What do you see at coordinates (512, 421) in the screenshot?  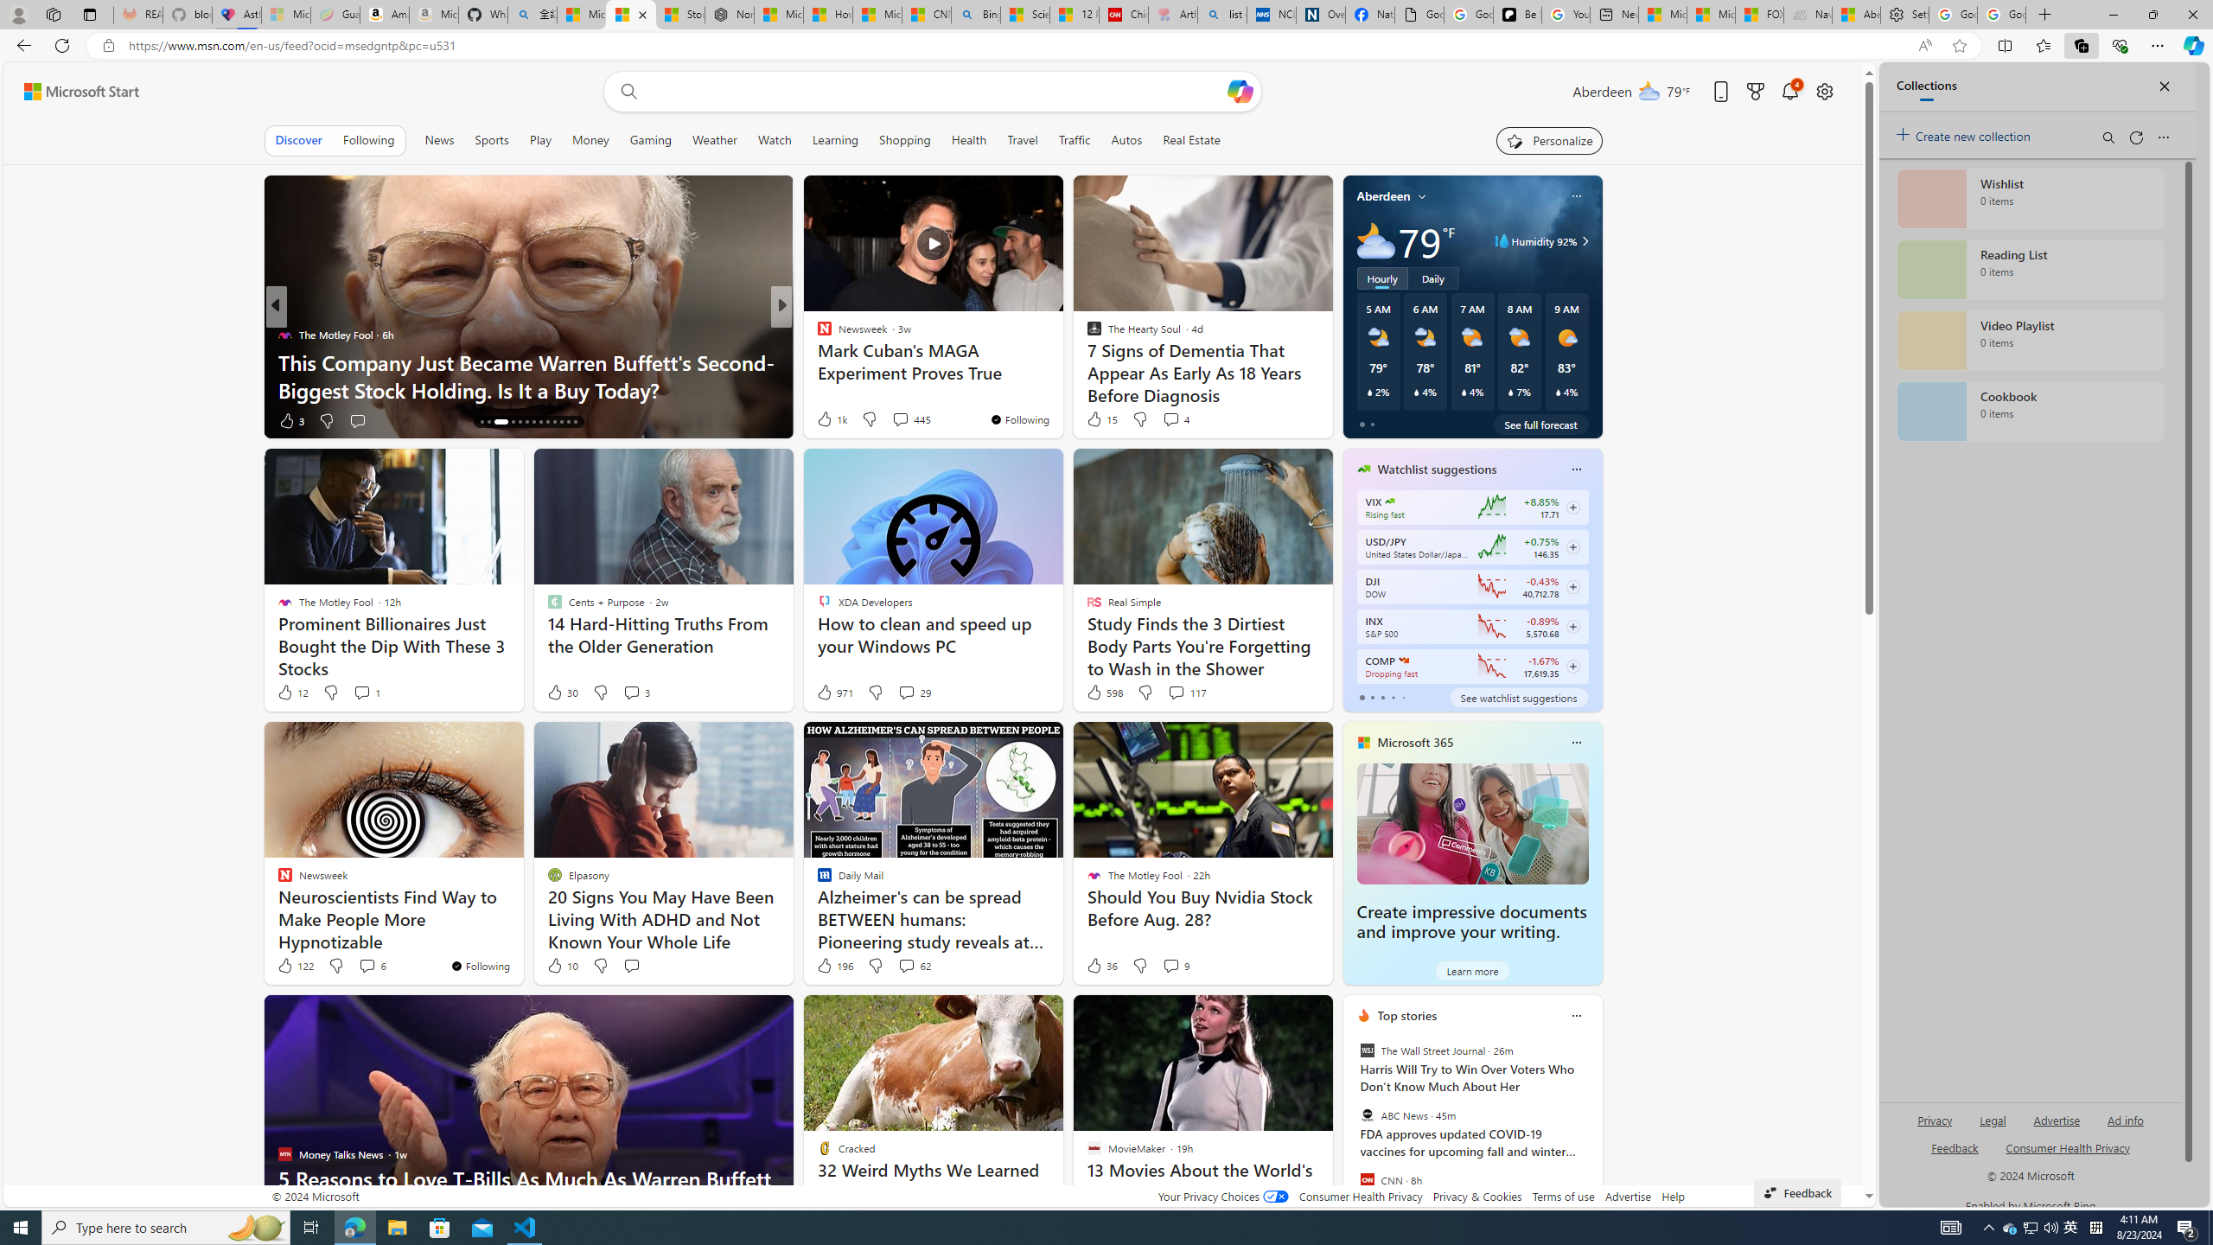 I see `'AutomationID: tab-17'` at bounding box center [512, 421].